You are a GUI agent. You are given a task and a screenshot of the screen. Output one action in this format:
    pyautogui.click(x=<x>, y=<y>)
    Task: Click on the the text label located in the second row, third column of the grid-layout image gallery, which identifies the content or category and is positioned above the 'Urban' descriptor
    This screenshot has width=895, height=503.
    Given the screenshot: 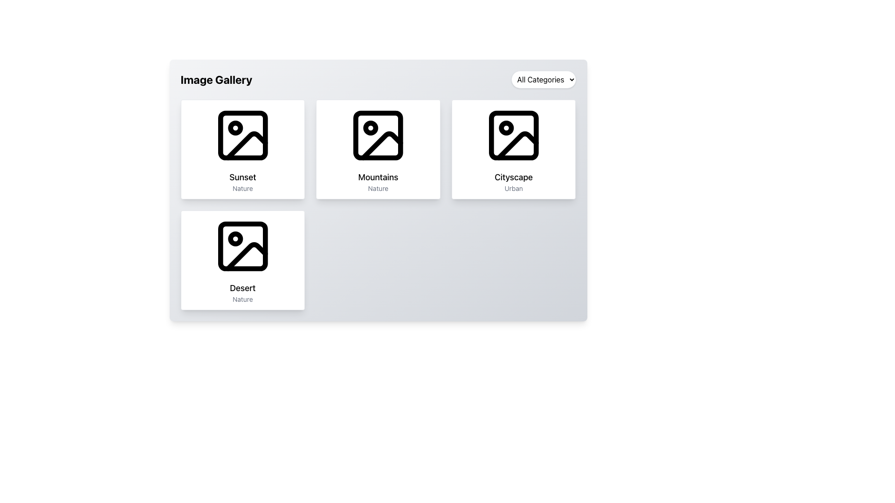 What is the action you would take?
    pyautogui.click(x=513, y=177)
    